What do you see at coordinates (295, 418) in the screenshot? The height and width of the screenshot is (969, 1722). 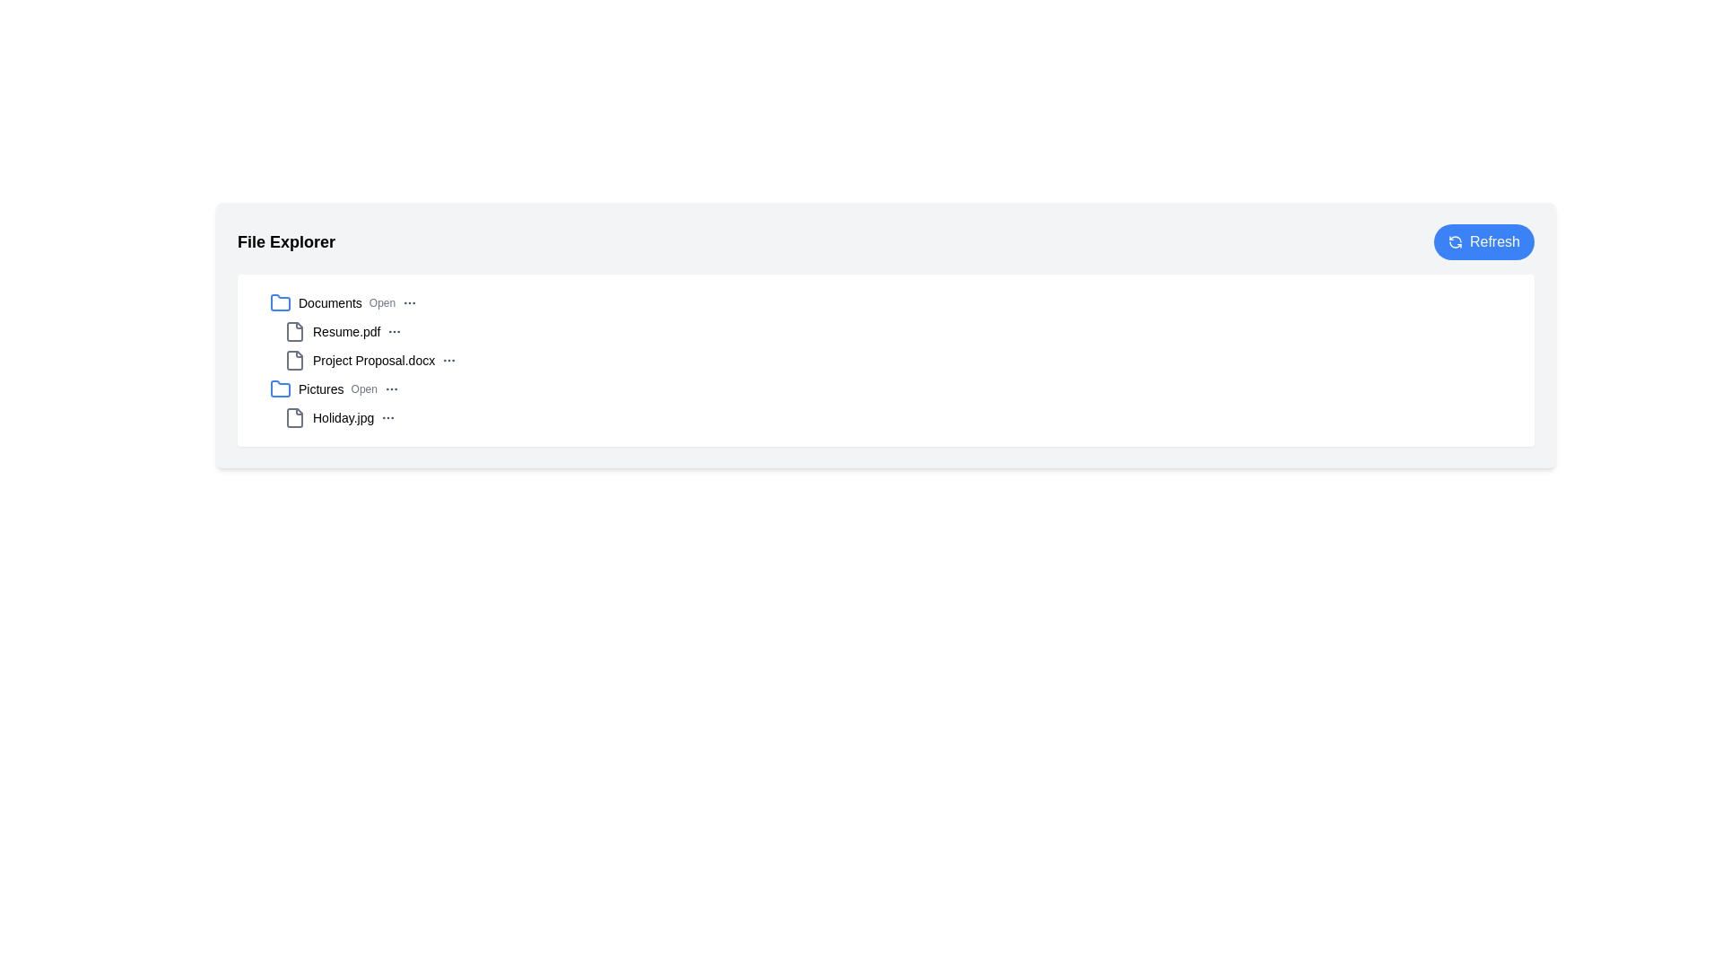 I see `the file icon representing 'Holiday.jpg'` at bounding box center [295, 418].